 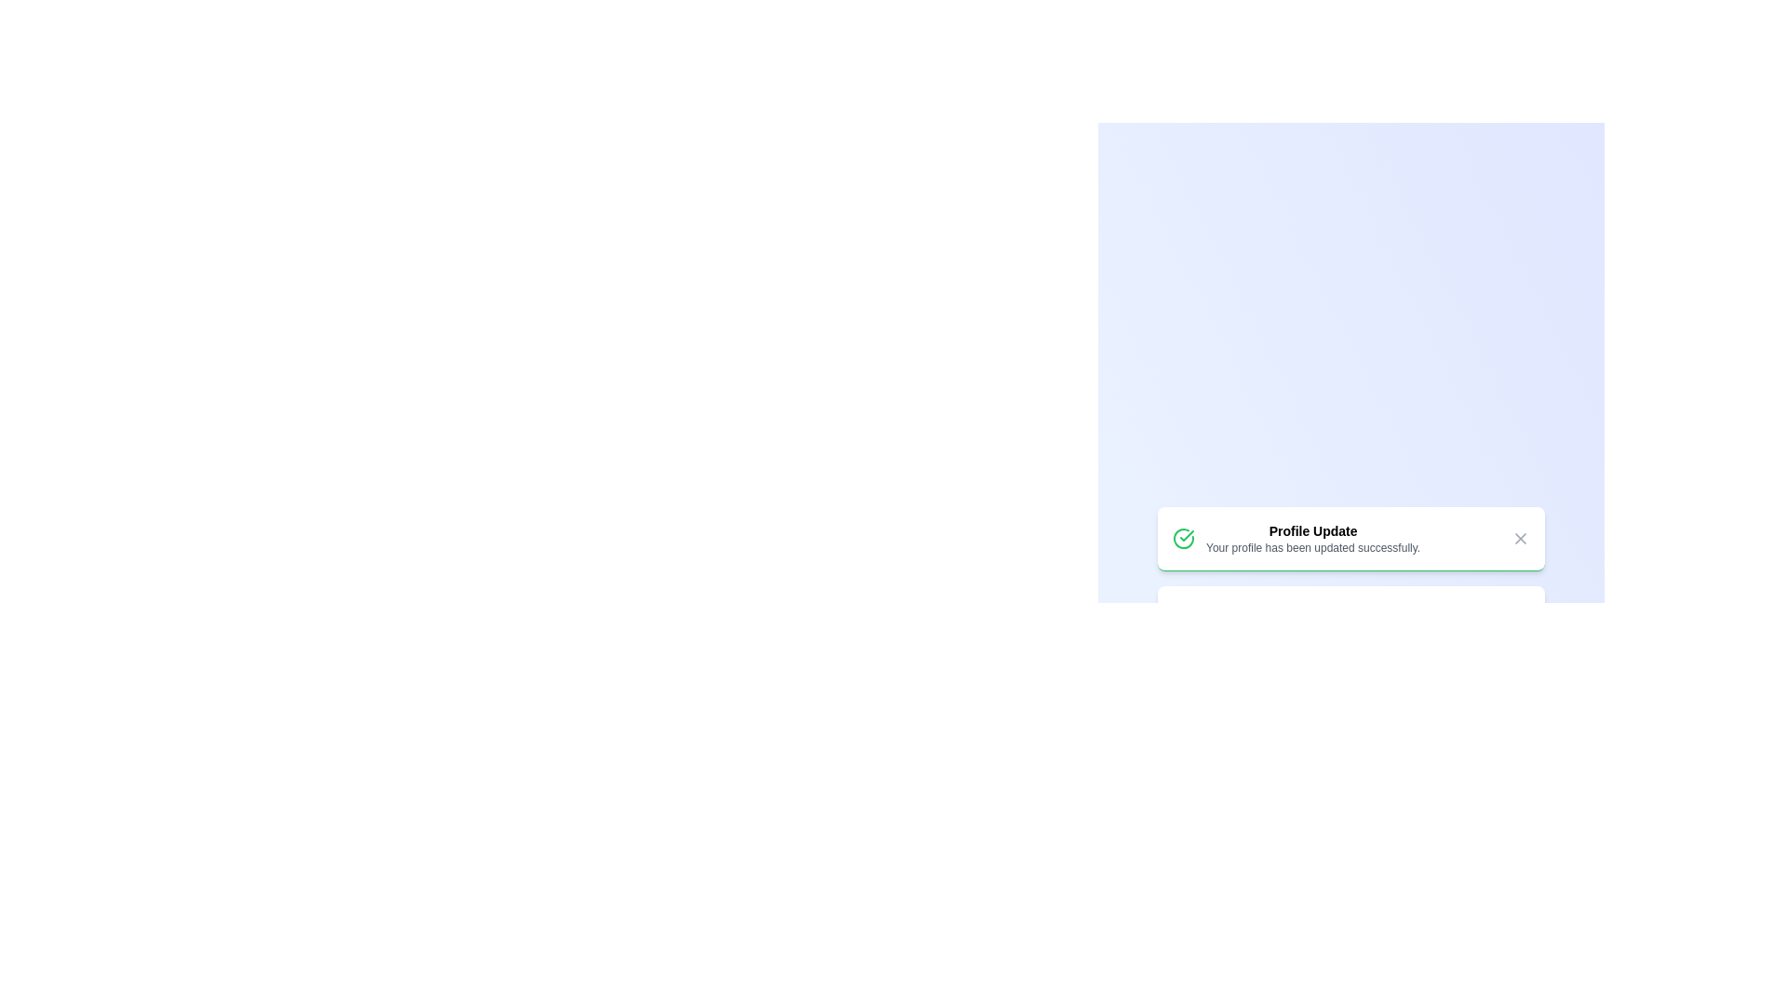 I want to click on the 'X' icon button located at the top right corner of the notification box to observe hover effects, so click(x=1520, y=538).